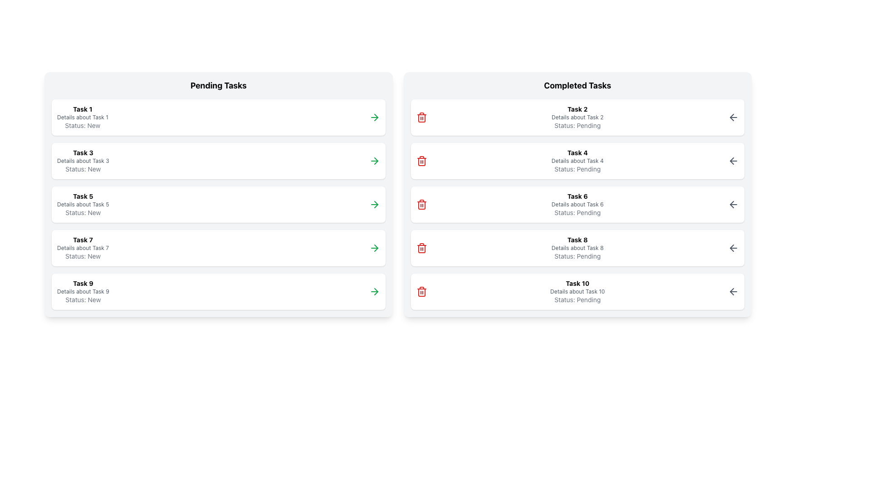 The height and width of the screenshot is (490, 871). I want to click on text label 'Details about Task 10' which is styled in a small gray font and positioned below the task title 'Task 10' and above the status text 'Status: Pending', so click(577, 292).